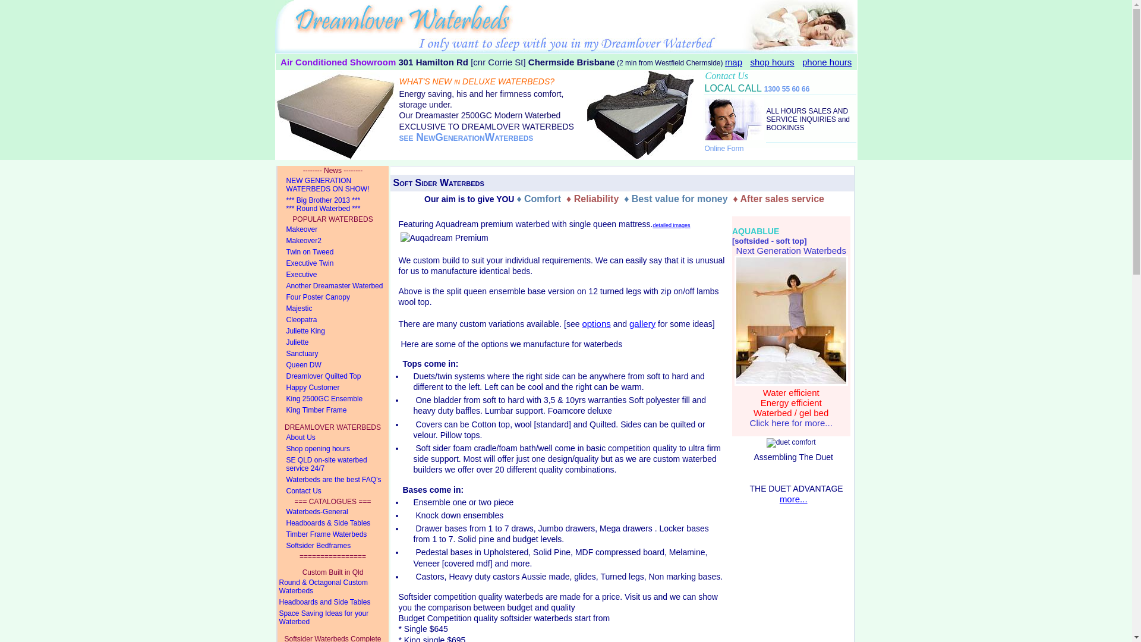 This screenshot has height=642, width=1141. What do you see at coordinates (332, 308) in the screenshot?
I see `'Majestic'` at bounding box center [332, 308].